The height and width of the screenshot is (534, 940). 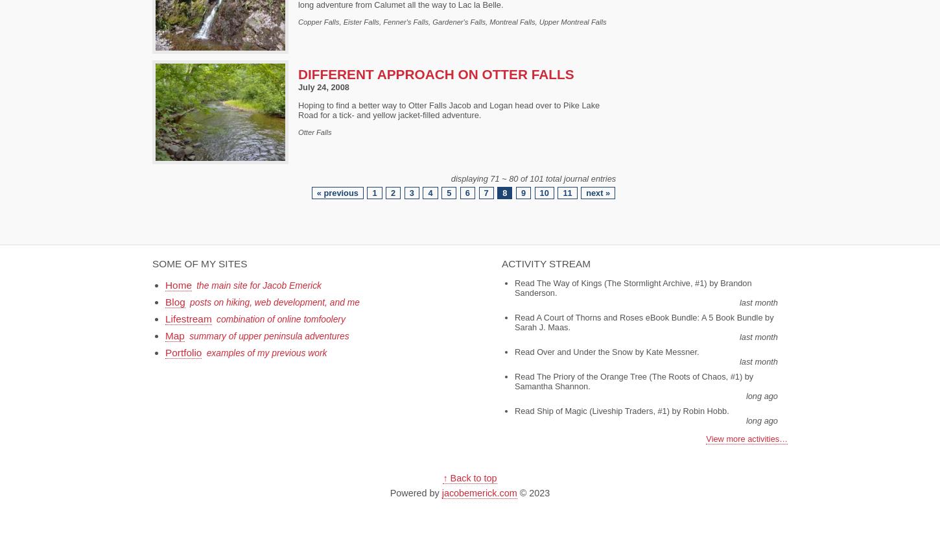 I want to click on 'Read Ship of Magic (Liveship Traders, #1) by Robin Hobb.', so click(x=621, y=409).